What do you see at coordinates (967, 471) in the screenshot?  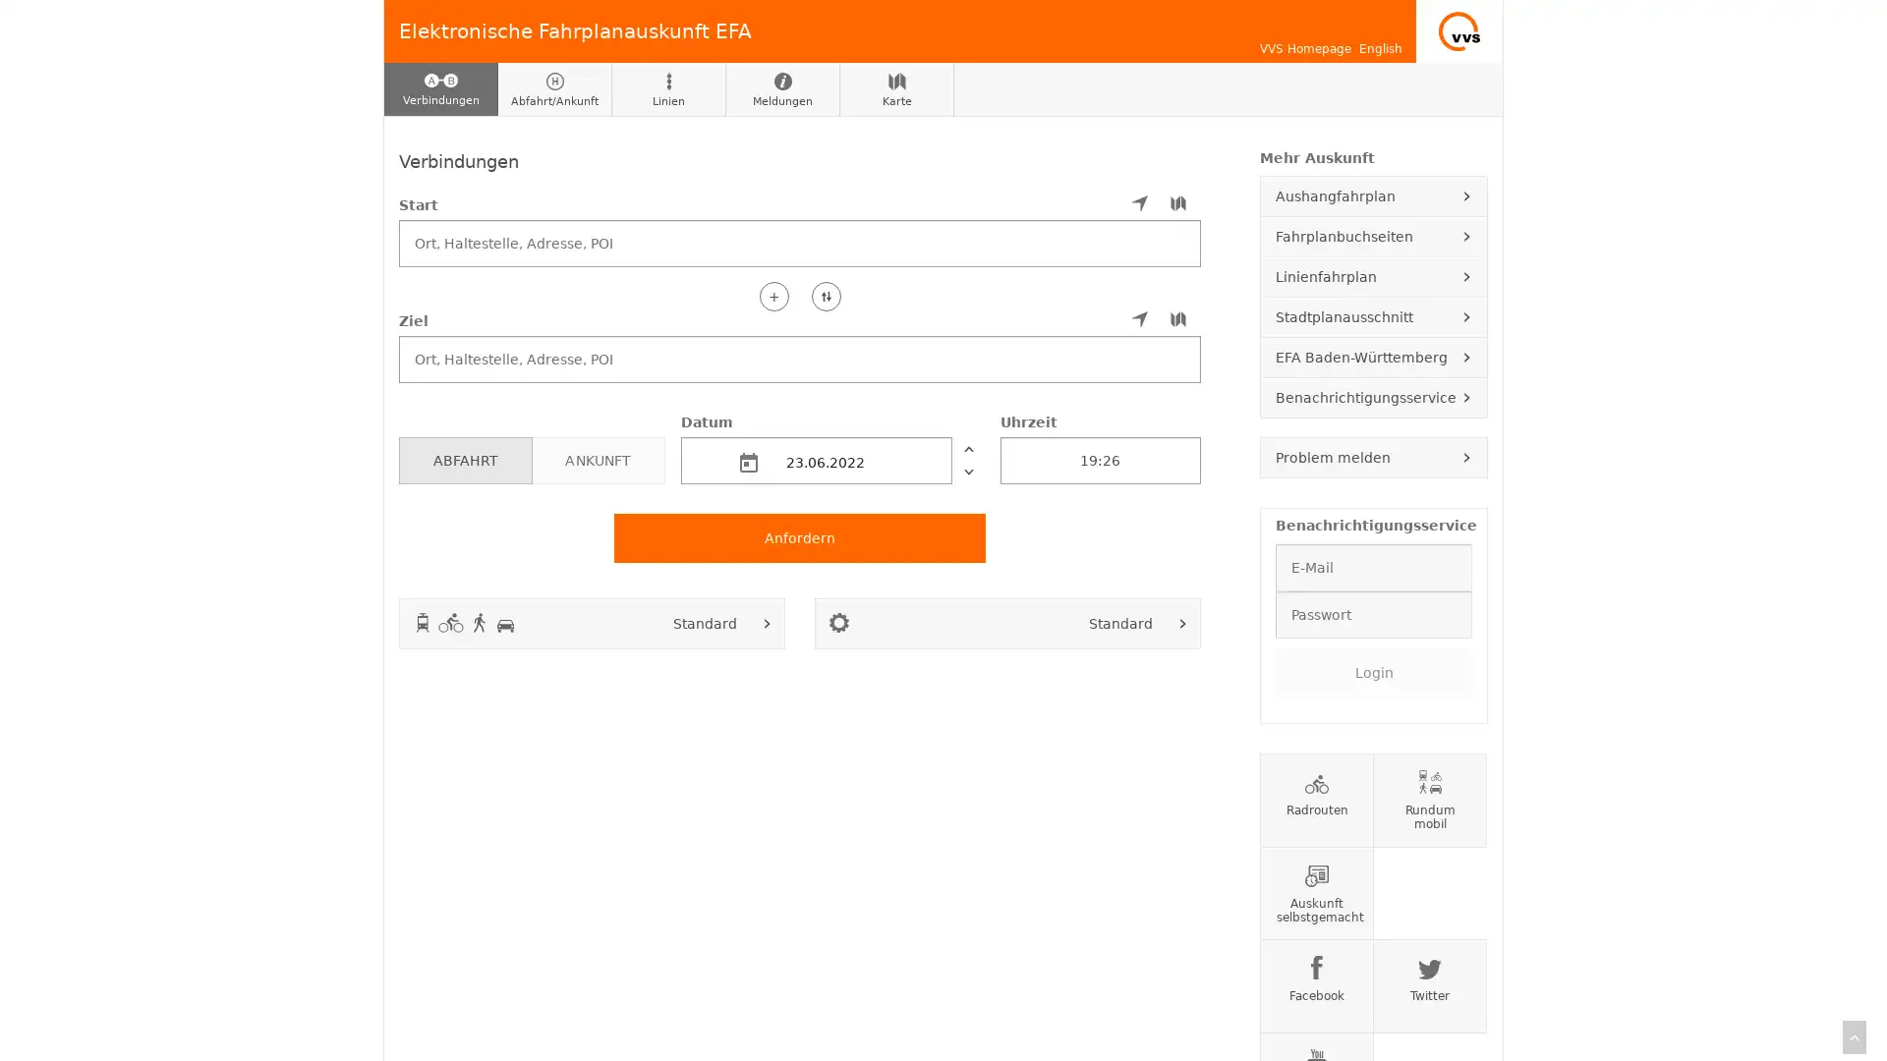 I see `nachher` at bounding box center [967, 471].